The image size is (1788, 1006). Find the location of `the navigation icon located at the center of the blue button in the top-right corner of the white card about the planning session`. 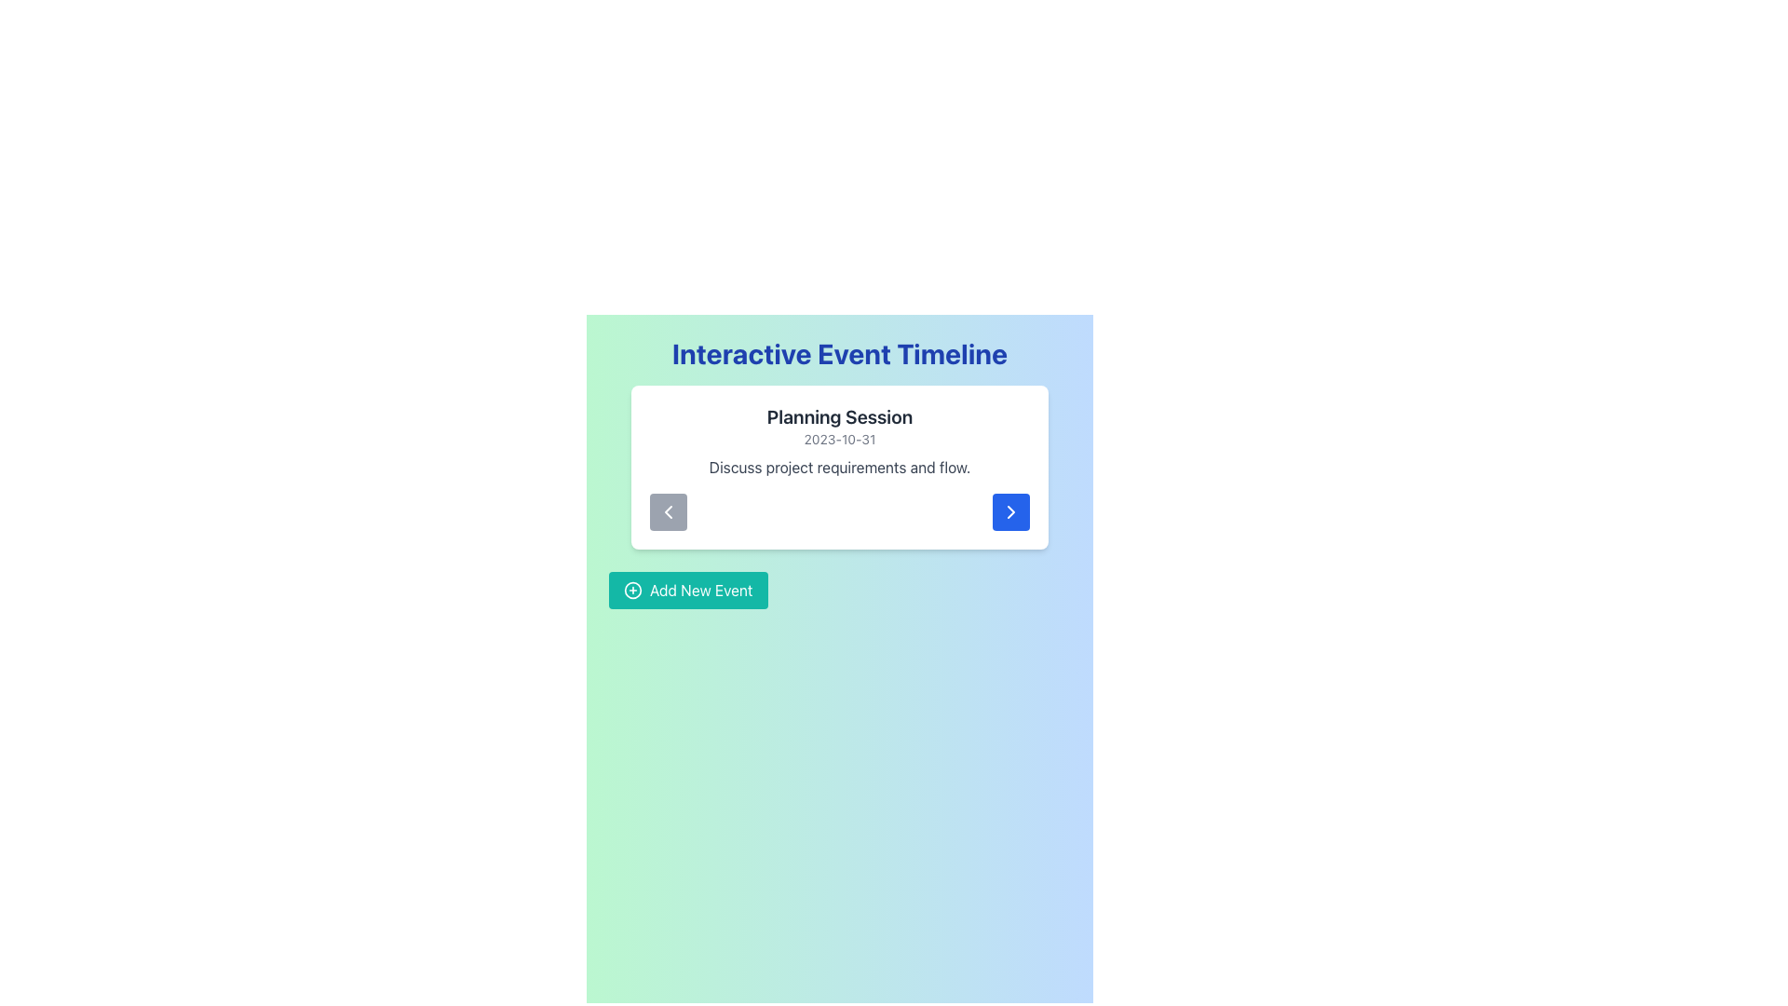

the navigation icon located at the center of the blue button in the top-right corner of the white card about the planning session is located at coordinates (1009, 512).